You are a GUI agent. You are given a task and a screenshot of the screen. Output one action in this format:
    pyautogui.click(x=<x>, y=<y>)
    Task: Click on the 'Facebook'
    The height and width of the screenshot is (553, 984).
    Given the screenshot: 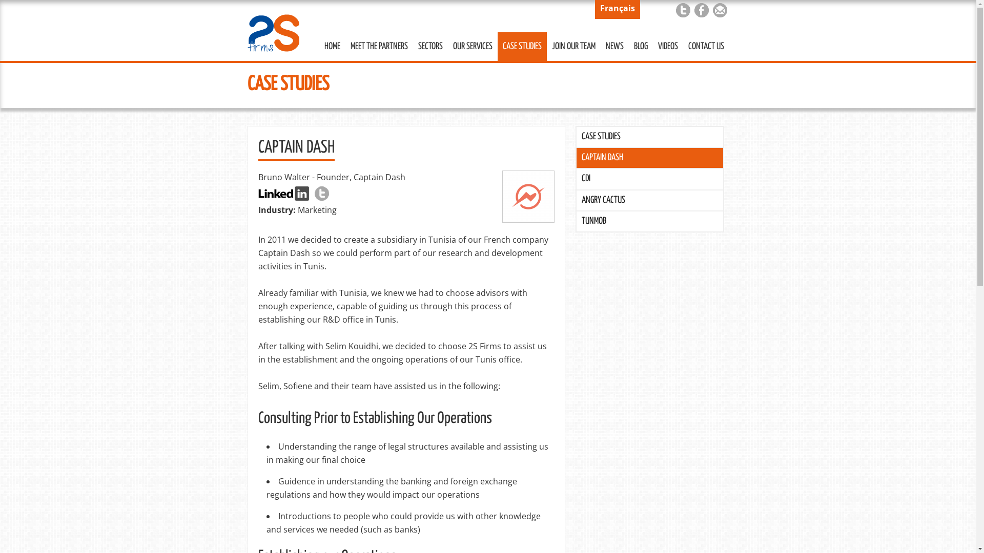 What is the action you would take?
    pyautogui.click(x=701, y=10)
    